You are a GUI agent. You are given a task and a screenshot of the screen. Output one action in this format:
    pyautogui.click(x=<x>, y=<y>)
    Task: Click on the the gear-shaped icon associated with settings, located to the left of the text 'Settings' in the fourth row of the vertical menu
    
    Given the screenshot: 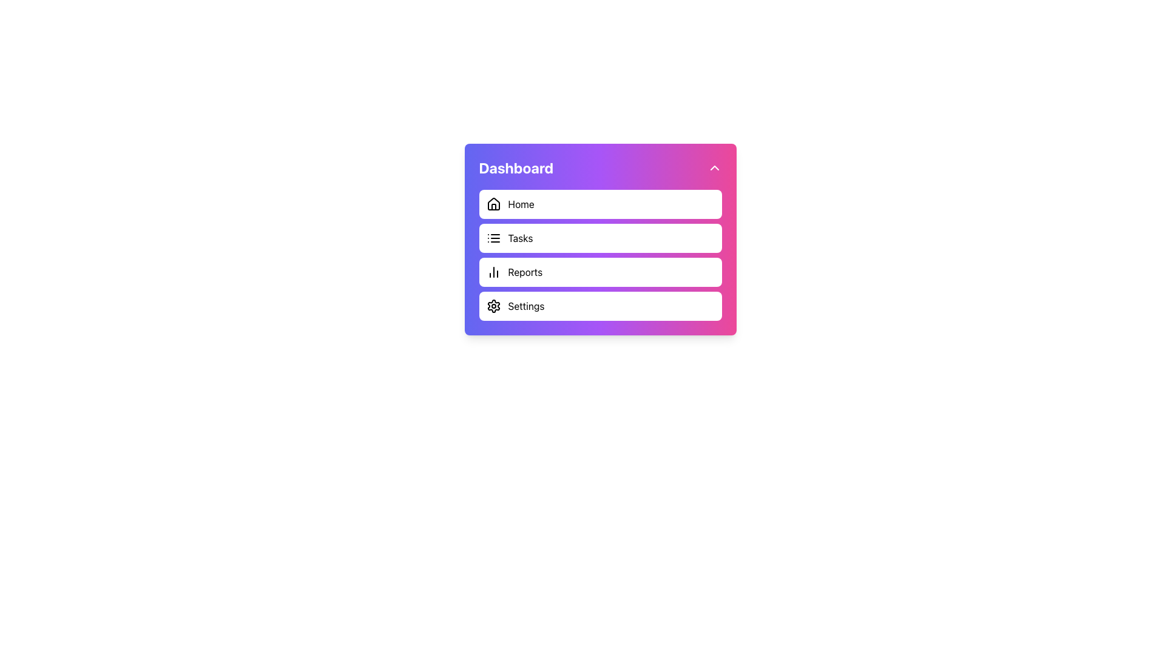 What is the action you would take?
    pyautogui.click(x=493, y=306)
    